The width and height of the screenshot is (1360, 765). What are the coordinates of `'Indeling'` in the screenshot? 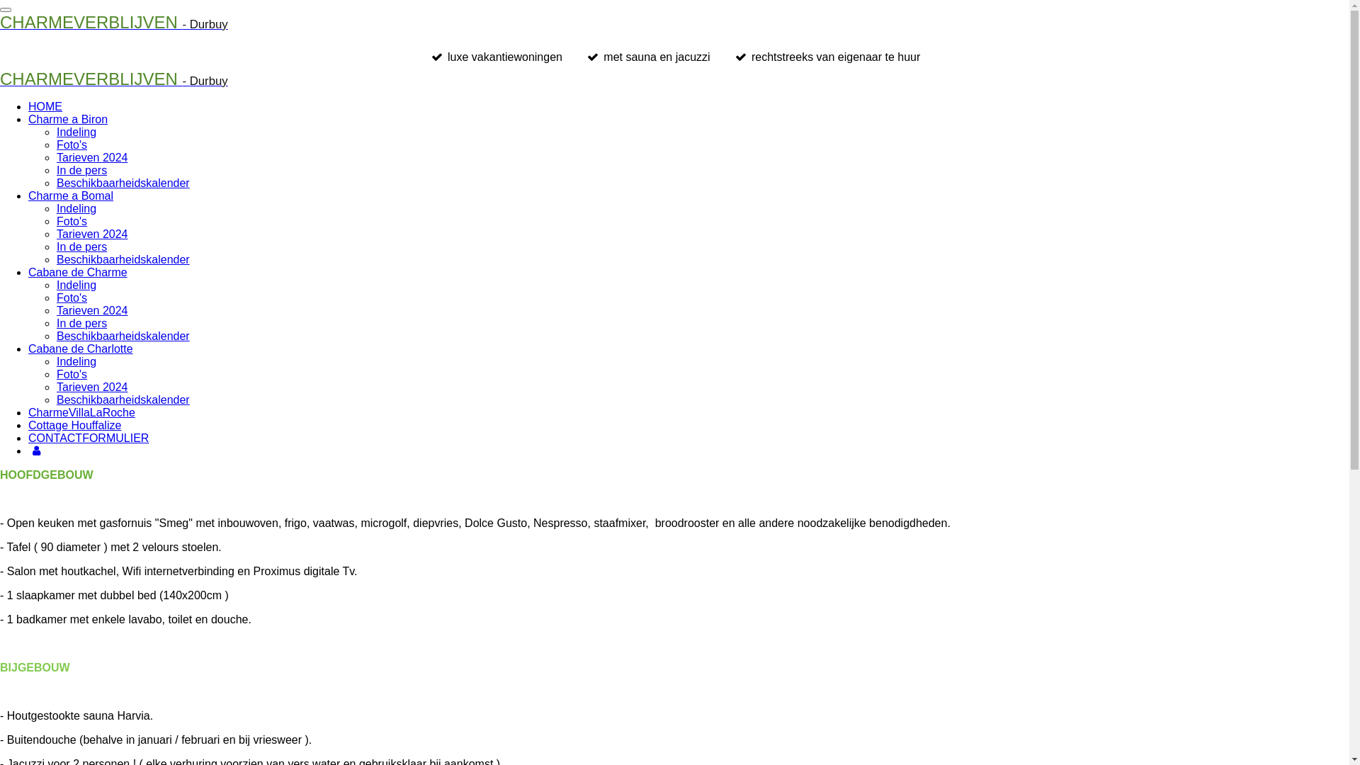 It's located at (57, 361).